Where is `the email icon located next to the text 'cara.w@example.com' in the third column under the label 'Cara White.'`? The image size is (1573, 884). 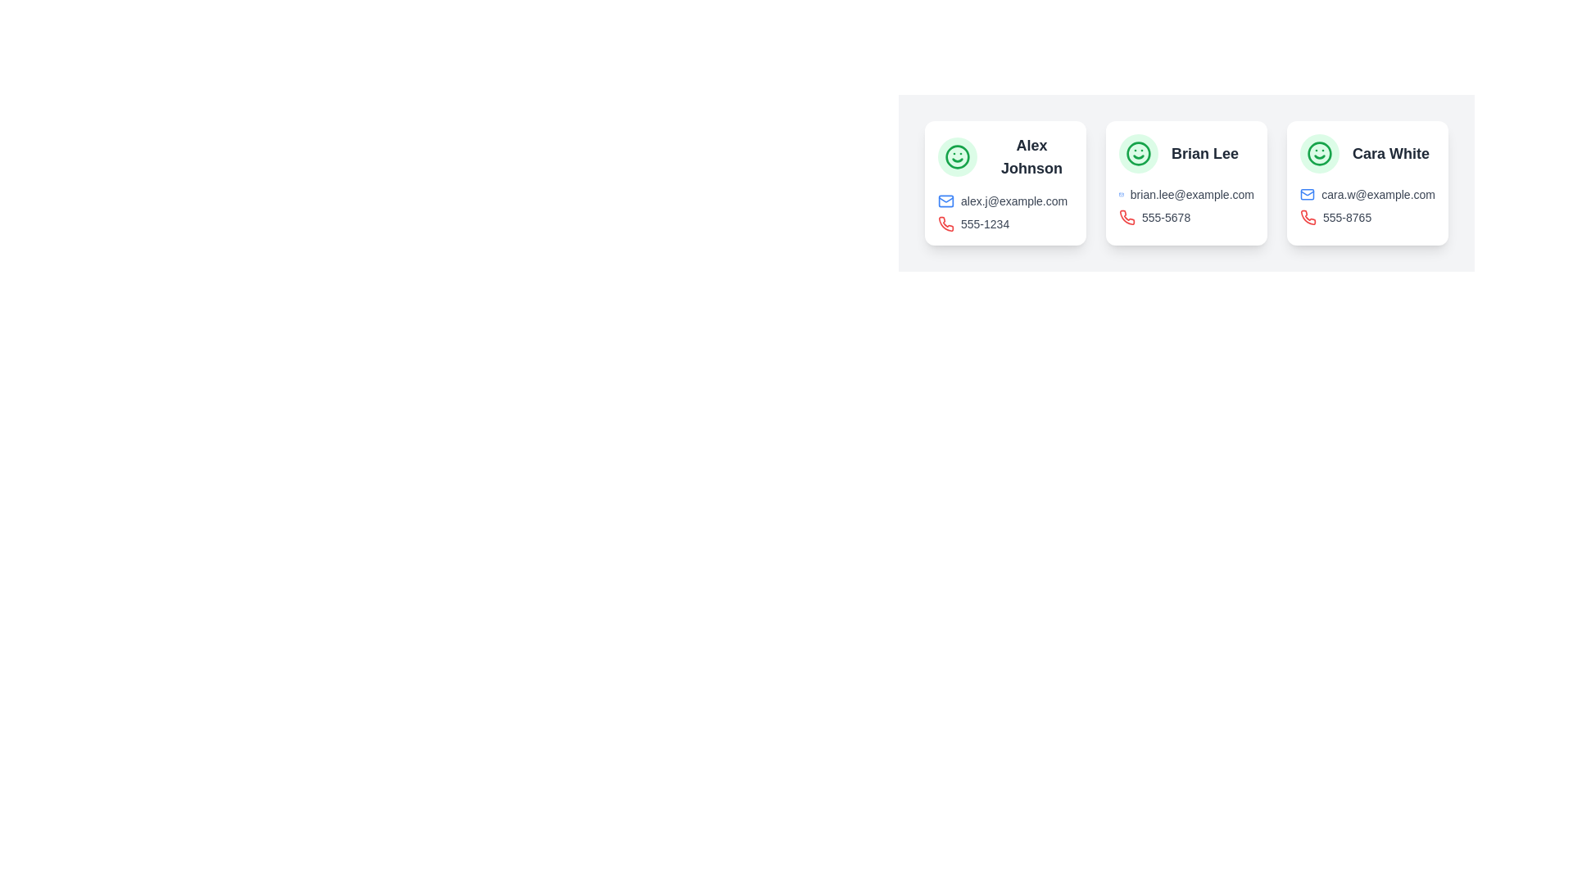 the email icon located next to the text 'cara.w@example.com' in the third column under the label 'Cara White.' is located at coordinates (1307, 194).